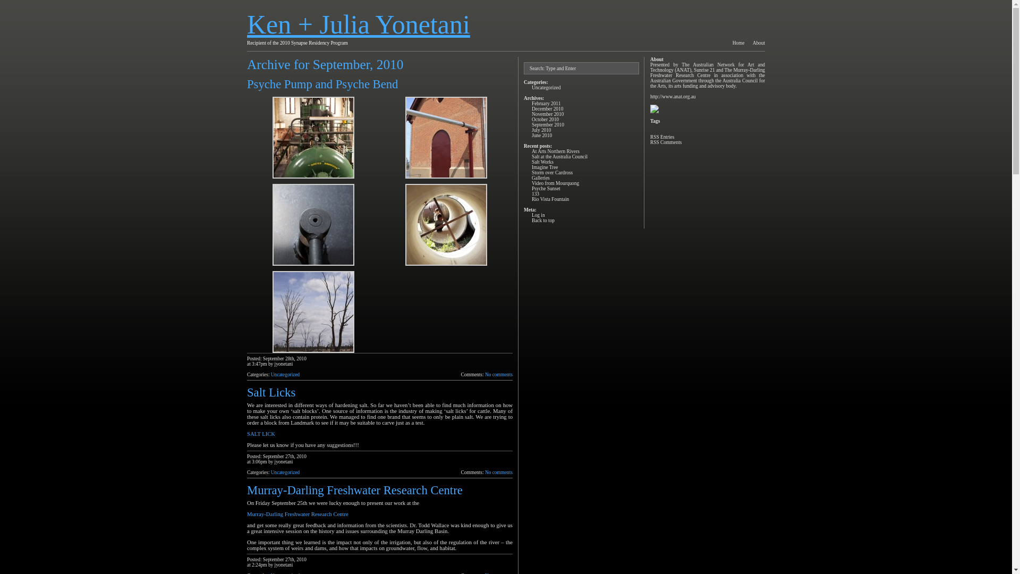  I want to click on 'Back to top', so click(543, 220).